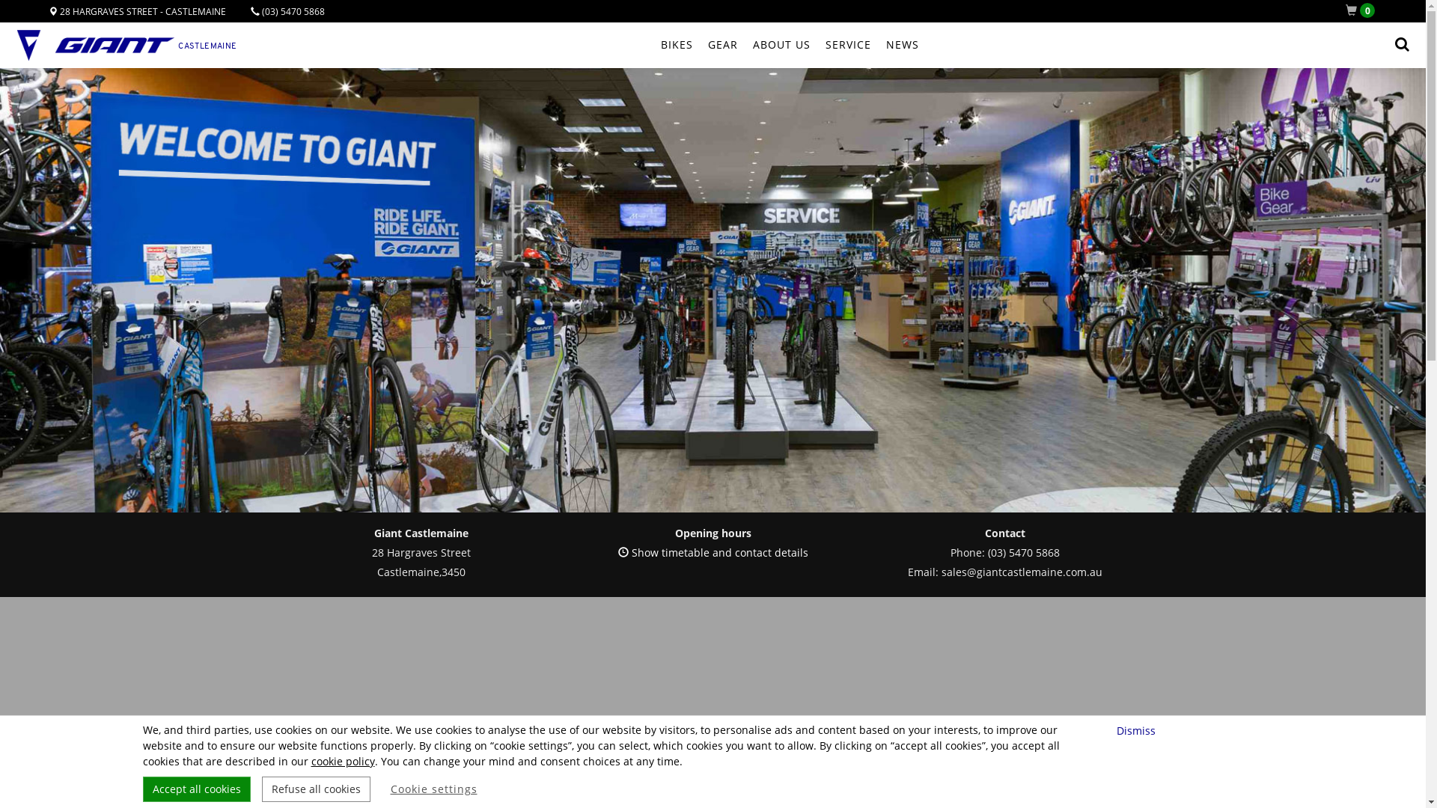 The image size is (1437, 808). What do you see at coordinates (675, 44) in the screenshot?
I see `'BIKES'` at bounding box center [675, 44].